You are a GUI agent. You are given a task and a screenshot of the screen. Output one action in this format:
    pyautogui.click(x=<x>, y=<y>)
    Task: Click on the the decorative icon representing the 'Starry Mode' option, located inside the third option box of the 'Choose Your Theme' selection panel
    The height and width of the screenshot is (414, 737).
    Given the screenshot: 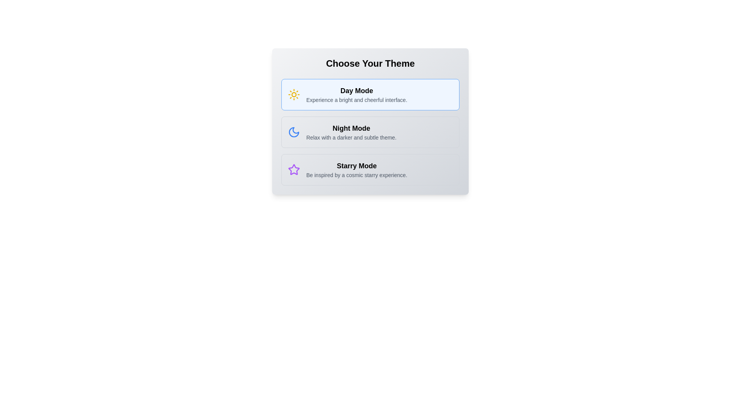 What is the action you would take?
    pyautogui.click(x=294, y=169)
    